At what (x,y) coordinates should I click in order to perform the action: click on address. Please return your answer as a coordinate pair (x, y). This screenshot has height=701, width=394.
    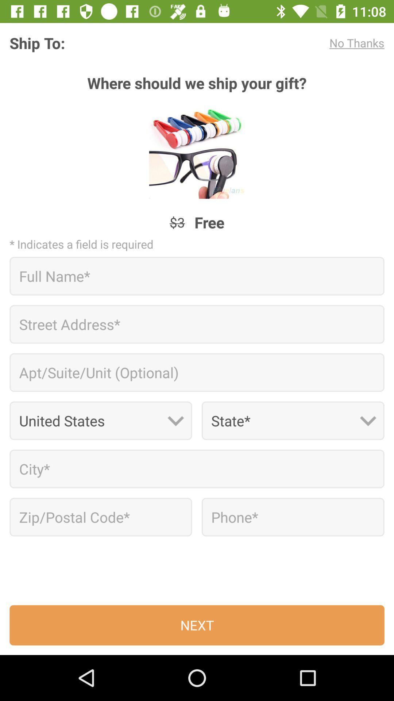
    Looking at the image, I should click on (197, 324).